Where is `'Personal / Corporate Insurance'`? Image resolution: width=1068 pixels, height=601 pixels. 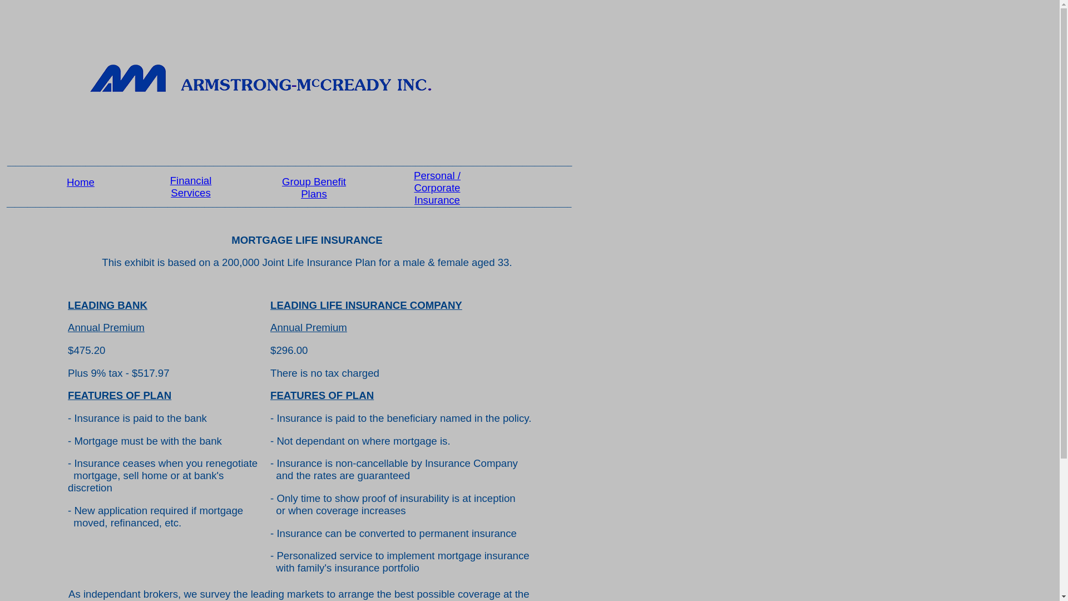 'Personal / Corporate Insurance' is located at coordinates (437, 187).